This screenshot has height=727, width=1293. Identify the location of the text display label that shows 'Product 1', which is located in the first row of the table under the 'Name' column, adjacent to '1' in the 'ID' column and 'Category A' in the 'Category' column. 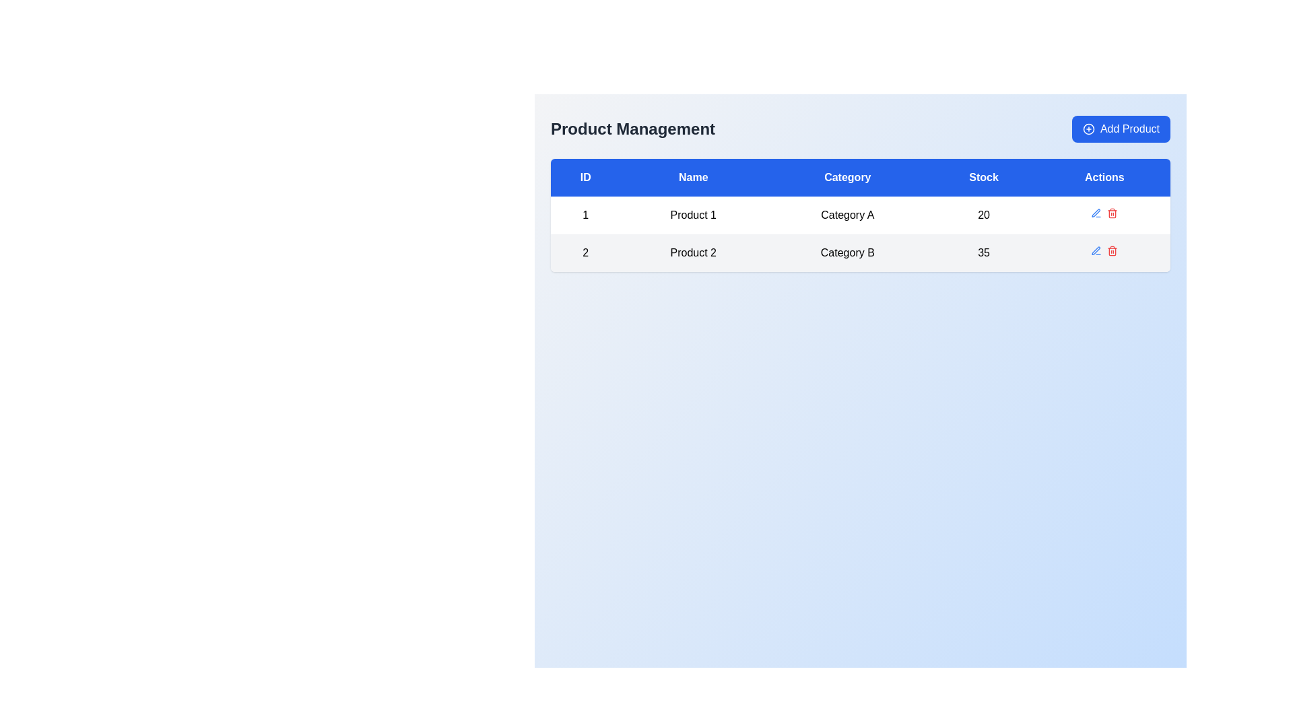
(693, 215).